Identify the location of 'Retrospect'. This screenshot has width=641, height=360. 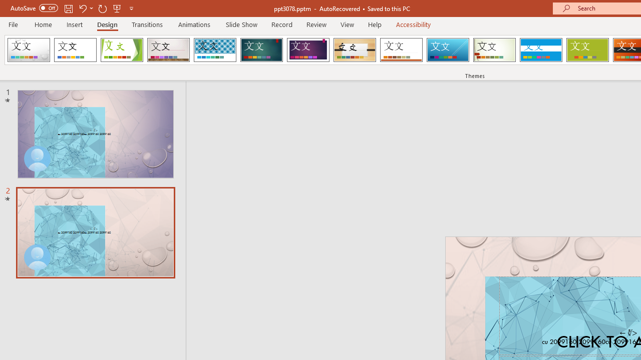
(401, 50).